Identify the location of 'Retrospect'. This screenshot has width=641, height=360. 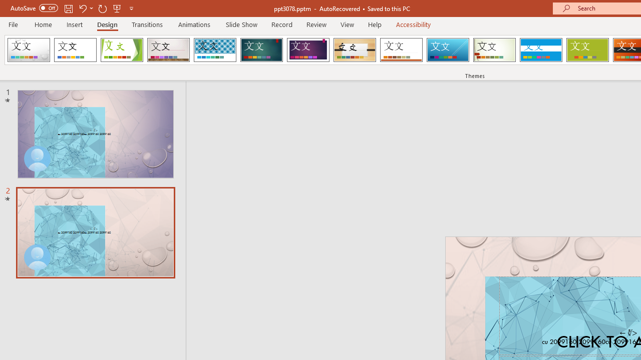
(401, 50).